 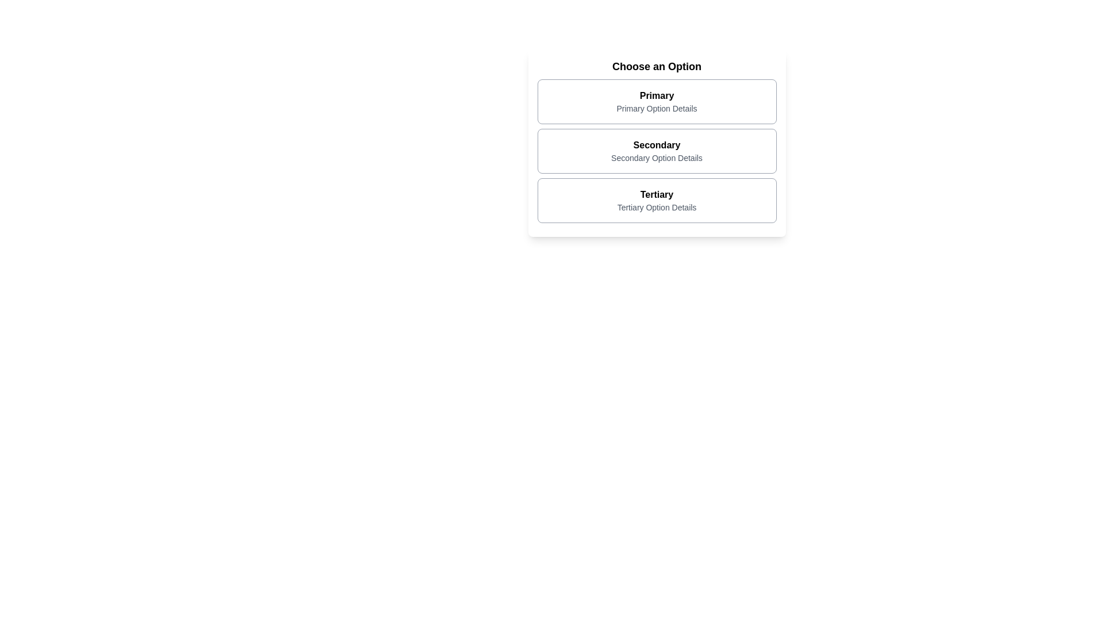 What do you see at coordinates (657, 158) in the screenshot?
I see `the static text element reading 'Secondary Option Details', which is styled in gray with a smaller font and located in the middle selection area labeled 'Secondary'` at bounding box center [657, 158].